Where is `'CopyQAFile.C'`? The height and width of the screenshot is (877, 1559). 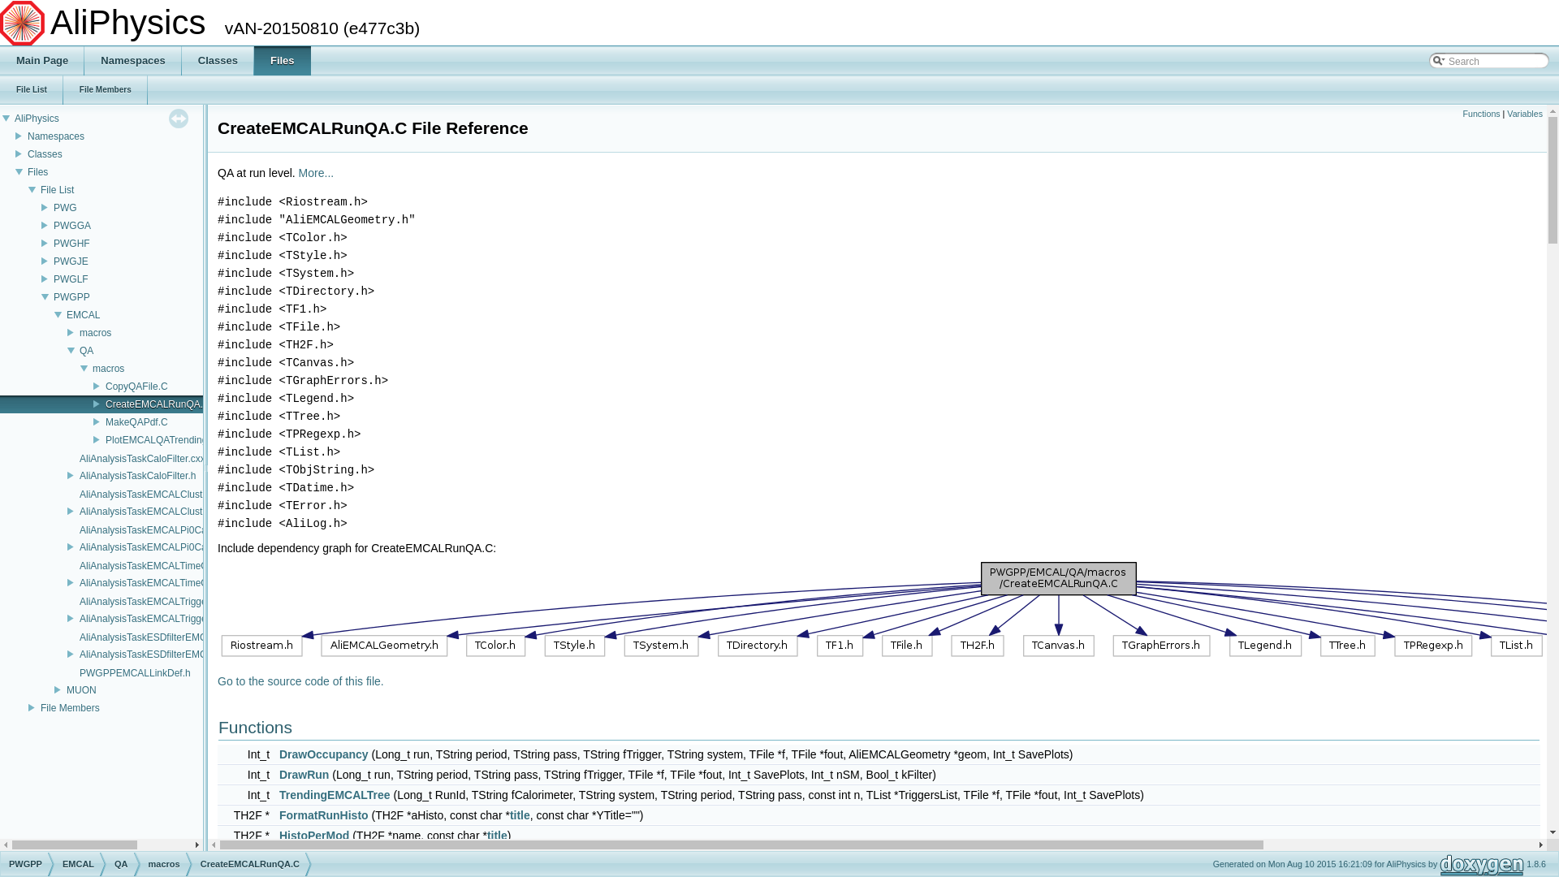 'CopyQAFile.C' is located at coordinates (136, 386).